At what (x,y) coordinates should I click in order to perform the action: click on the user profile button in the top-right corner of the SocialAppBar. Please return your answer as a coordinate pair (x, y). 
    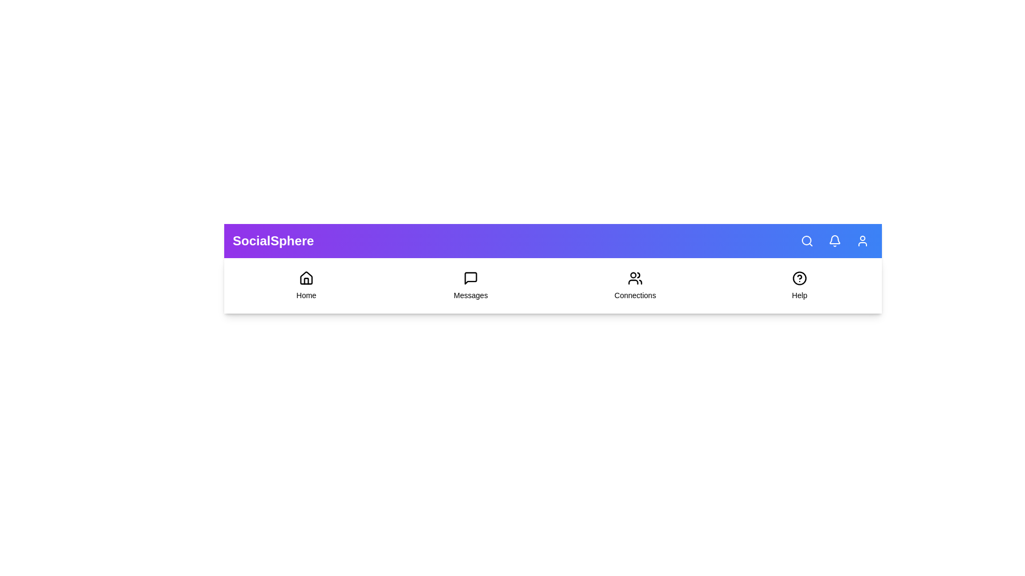
    Looking at the image, I should click on (863, 241).